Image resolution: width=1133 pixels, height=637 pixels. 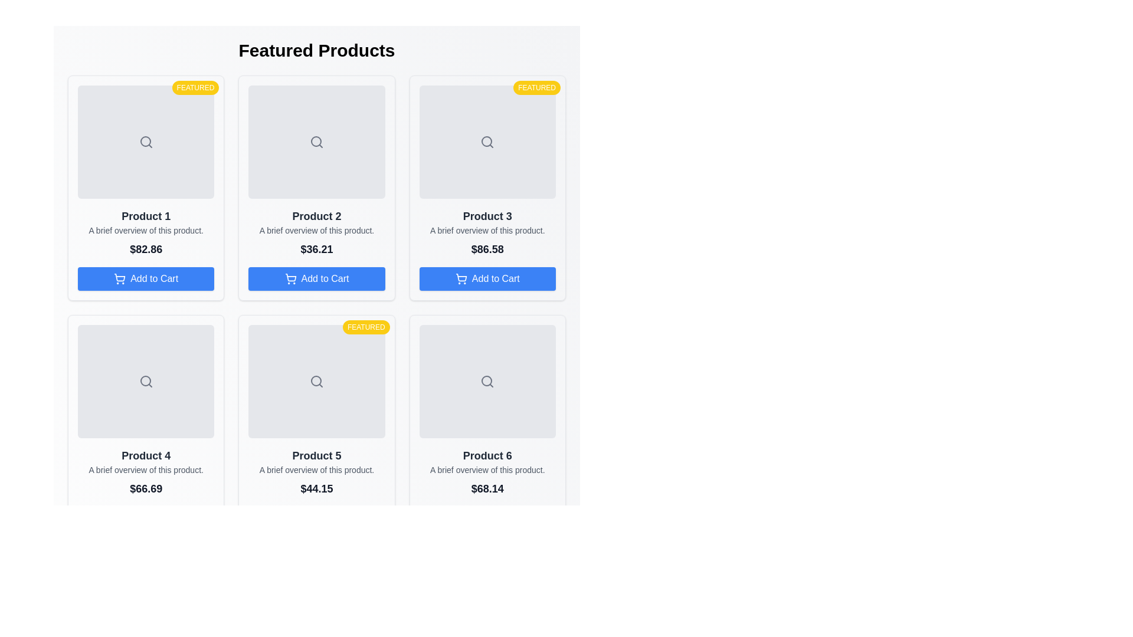 What do you see at coordinates (487, 489) in the screenshot?
I see `text label displaying the price '$68.14' for 'Product 6' located in the second row, third column of the product grid` at bounding box center [487, 489].